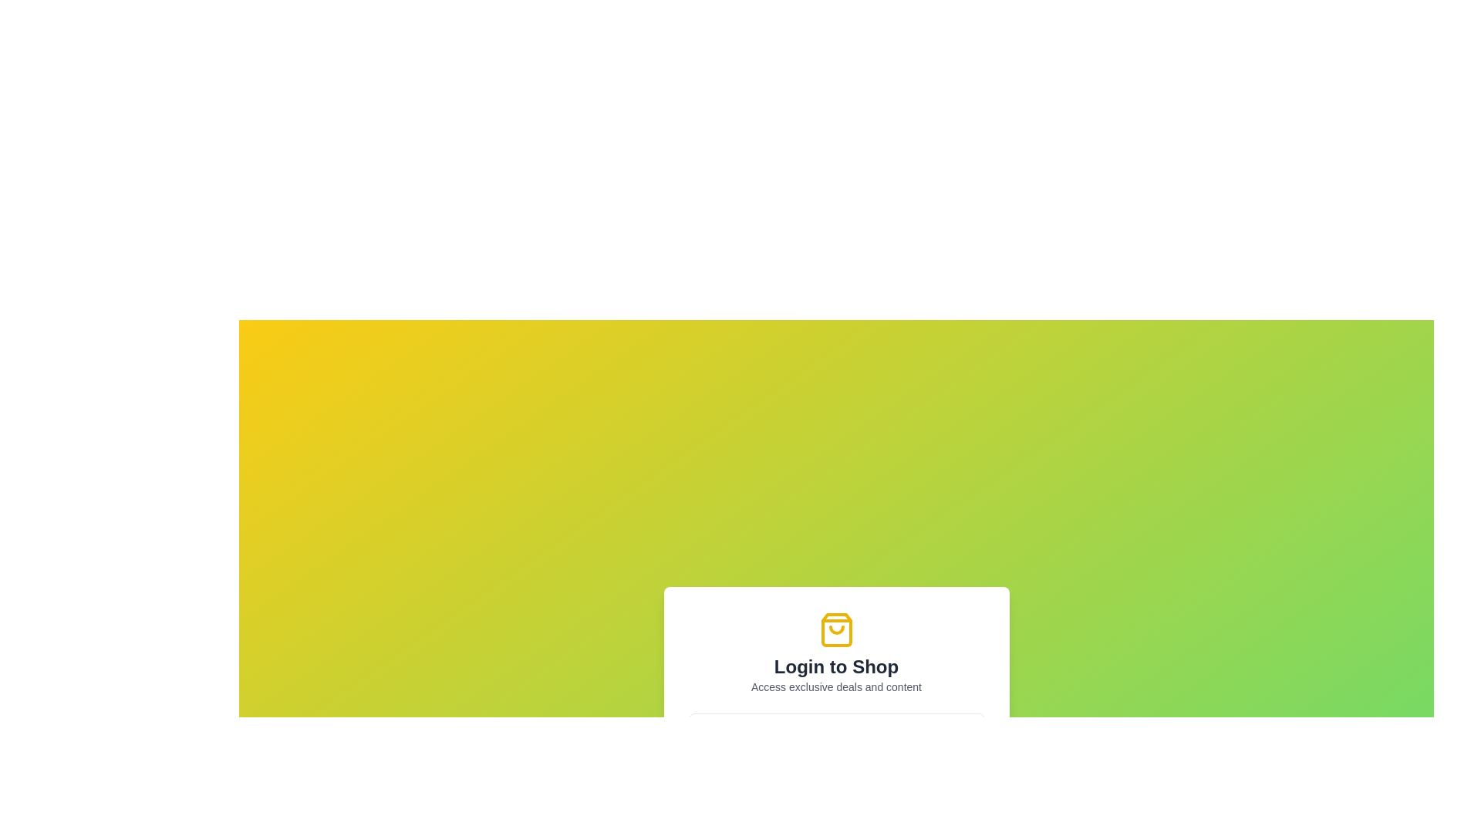 This screenshot has width=1481, height=833. What do you see at coordinates (835, 630) in the screenshot?
I see `the shopping bag icon, which is visually represented with a yellow tone and located just above the text 'Login to Shop.'` at bounding box center [835, 630].